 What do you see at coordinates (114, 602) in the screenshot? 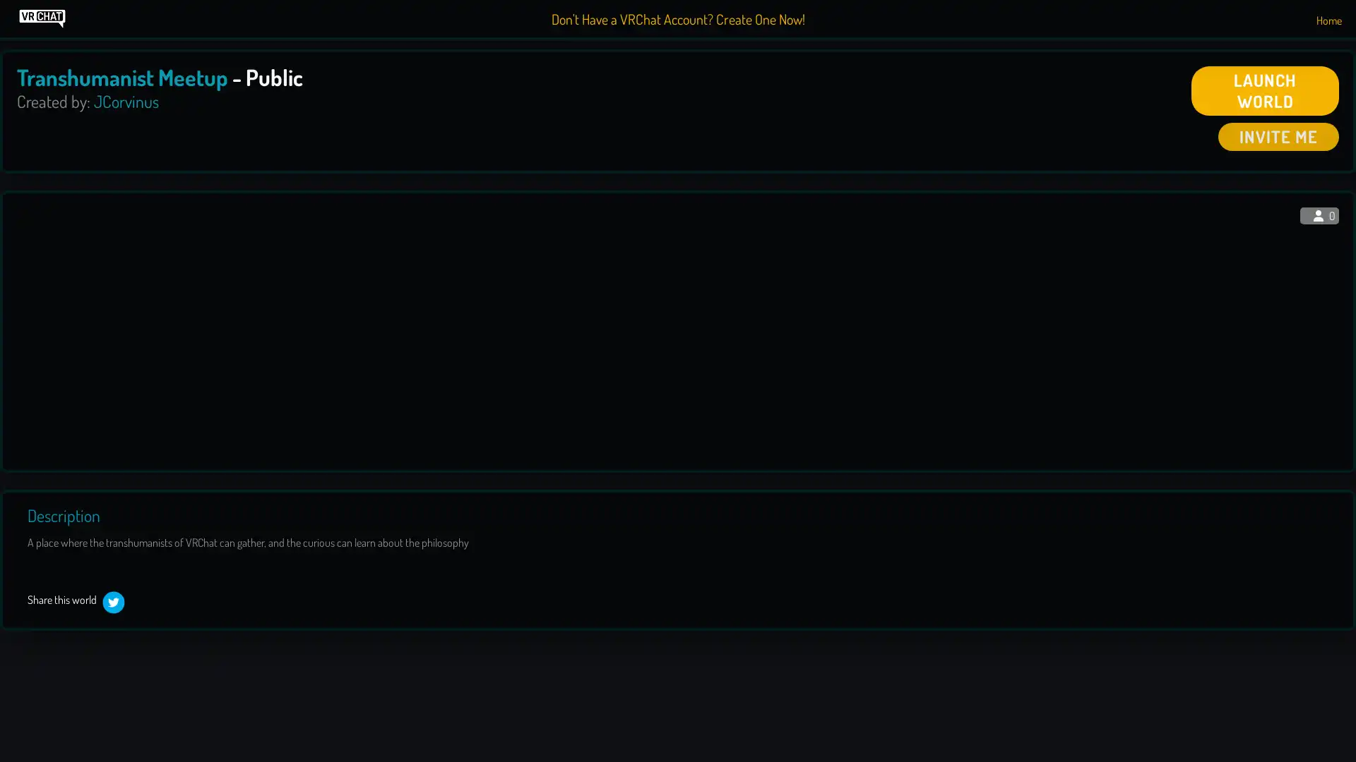
I see `twitter` at bounding box center [114, 602].